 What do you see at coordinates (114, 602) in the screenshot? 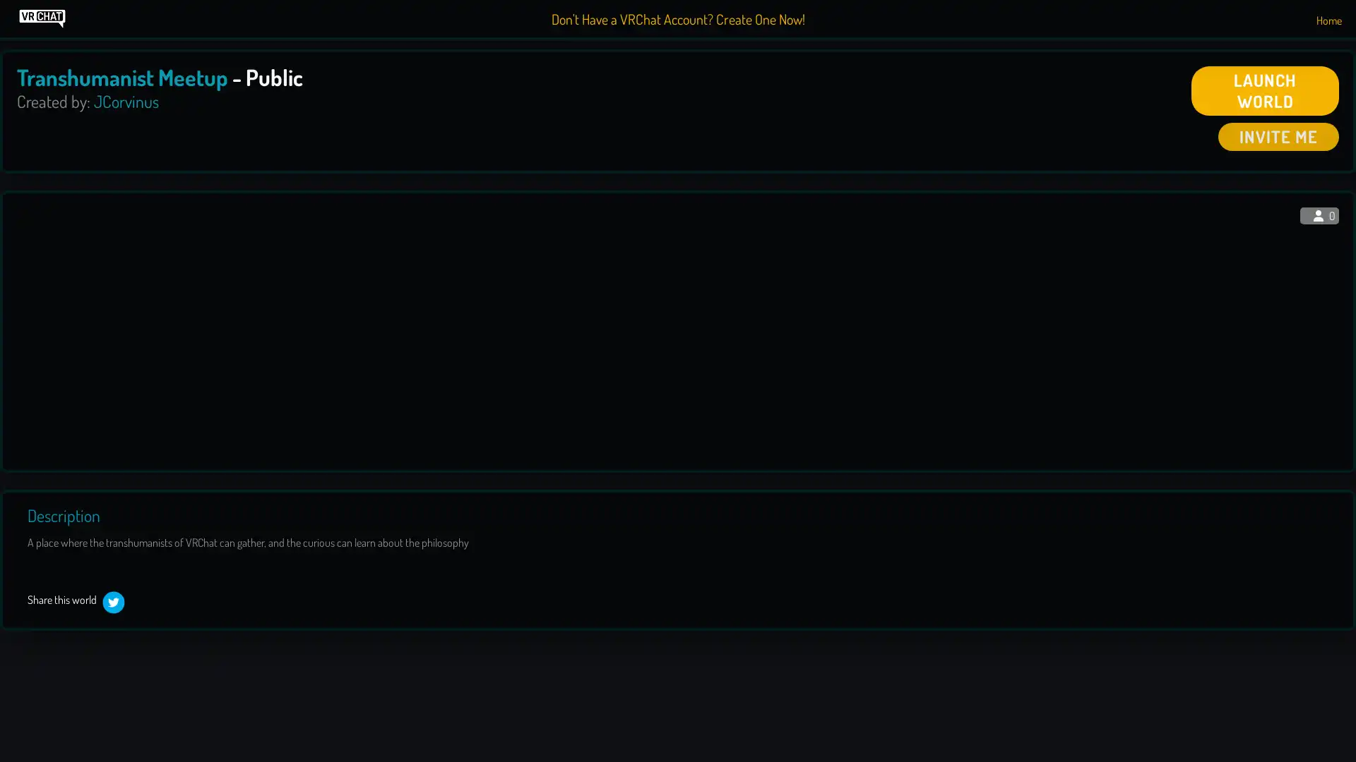
I see `twitter` at bounding box center [114, 602].